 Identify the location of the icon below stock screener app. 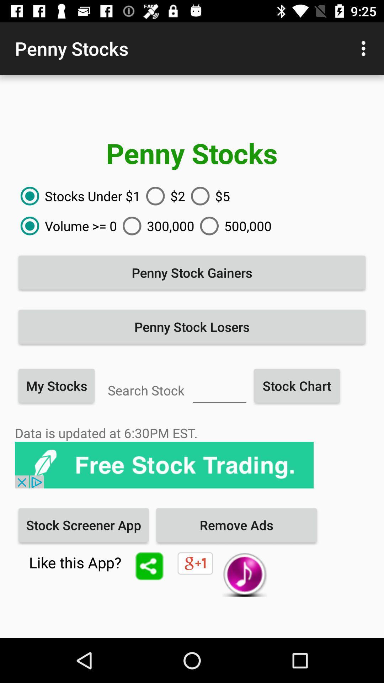
(149, 566).